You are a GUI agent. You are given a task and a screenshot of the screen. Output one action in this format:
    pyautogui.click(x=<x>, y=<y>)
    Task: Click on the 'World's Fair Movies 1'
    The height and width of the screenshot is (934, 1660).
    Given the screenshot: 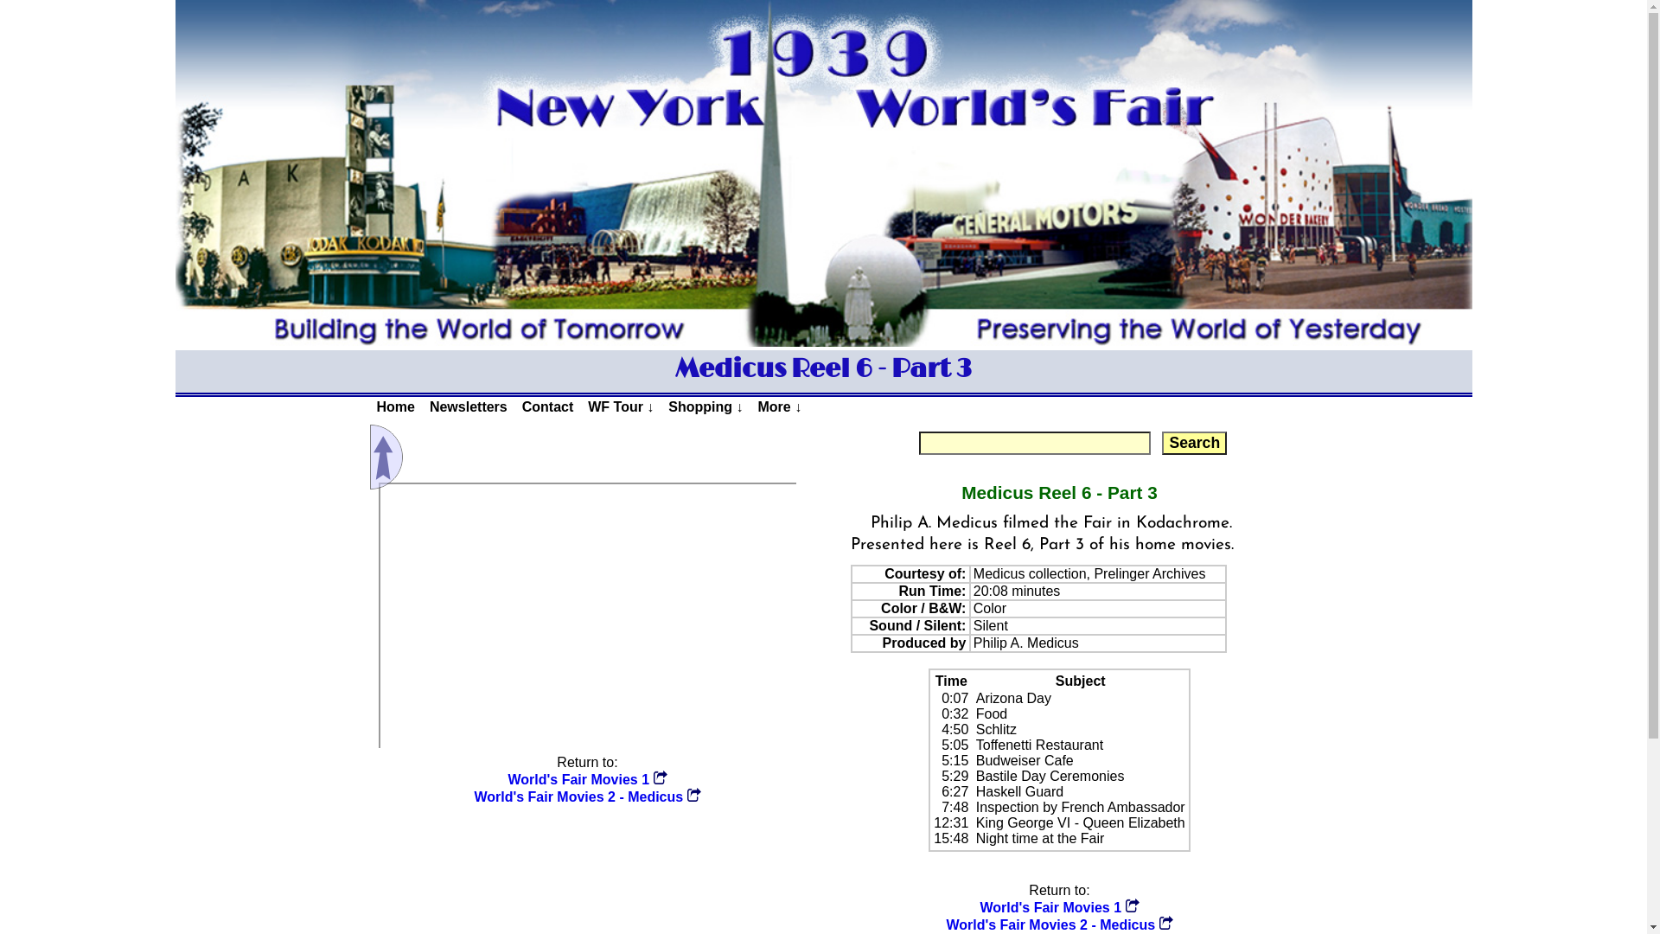 What is the action you would take?
    pyautogui.click(x=588, y=779)
    